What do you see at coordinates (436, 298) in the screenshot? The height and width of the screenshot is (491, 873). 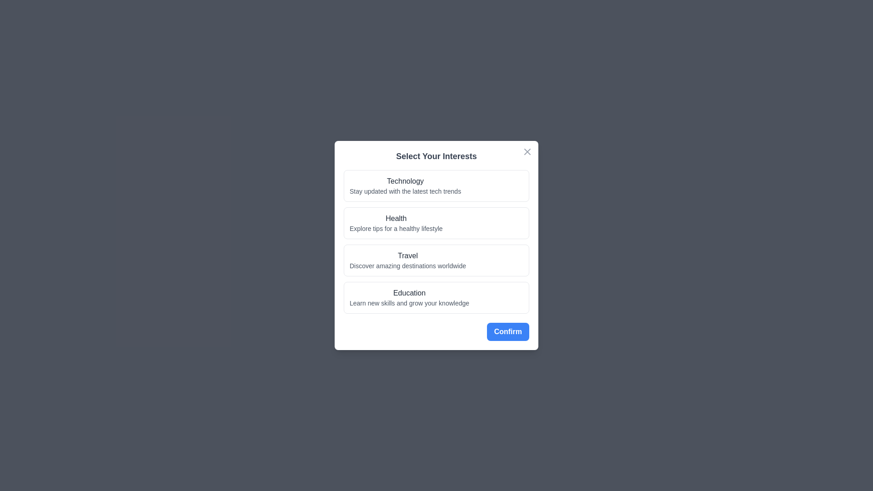 I see `the interest Education from the list` at bounding box center [436, 298].